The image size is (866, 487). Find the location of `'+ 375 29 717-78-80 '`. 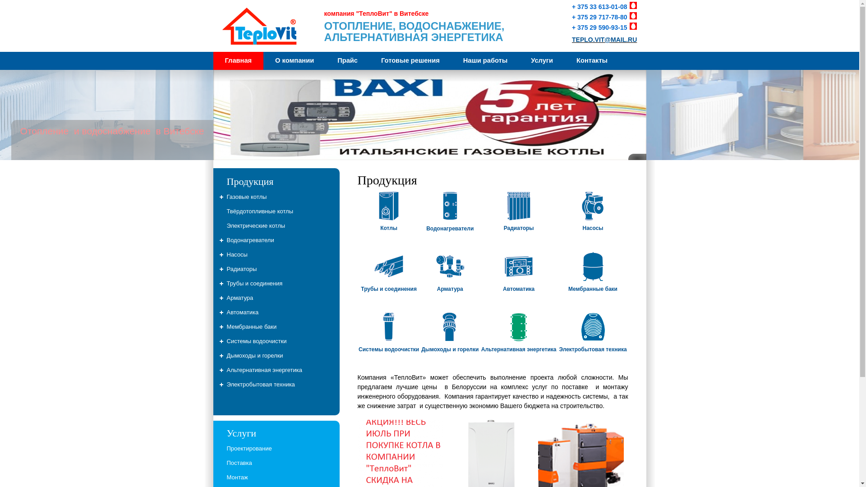

'+ 375 29 717-78-80 ' is located at coordinates (604, 17).